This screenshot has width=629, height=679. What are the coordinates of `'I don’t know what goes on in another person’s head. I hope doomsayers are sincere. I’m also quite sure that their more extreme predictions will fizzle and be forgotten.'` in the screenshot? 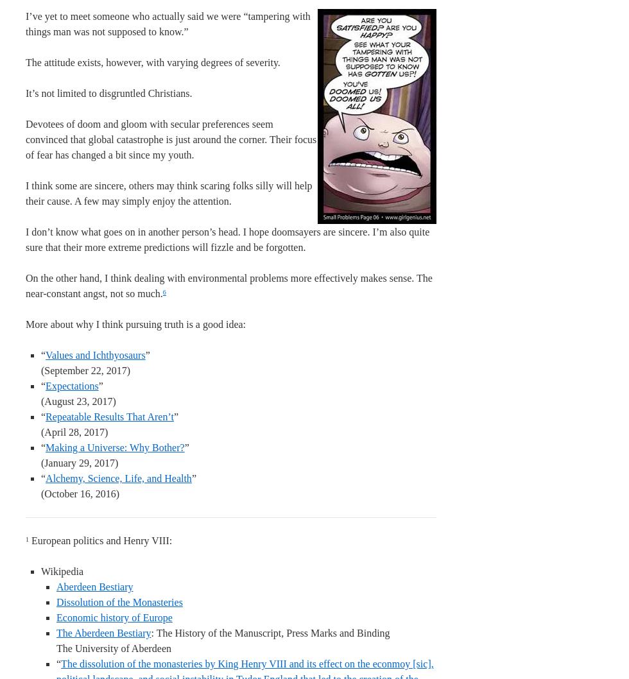 It's located at (227, 239).